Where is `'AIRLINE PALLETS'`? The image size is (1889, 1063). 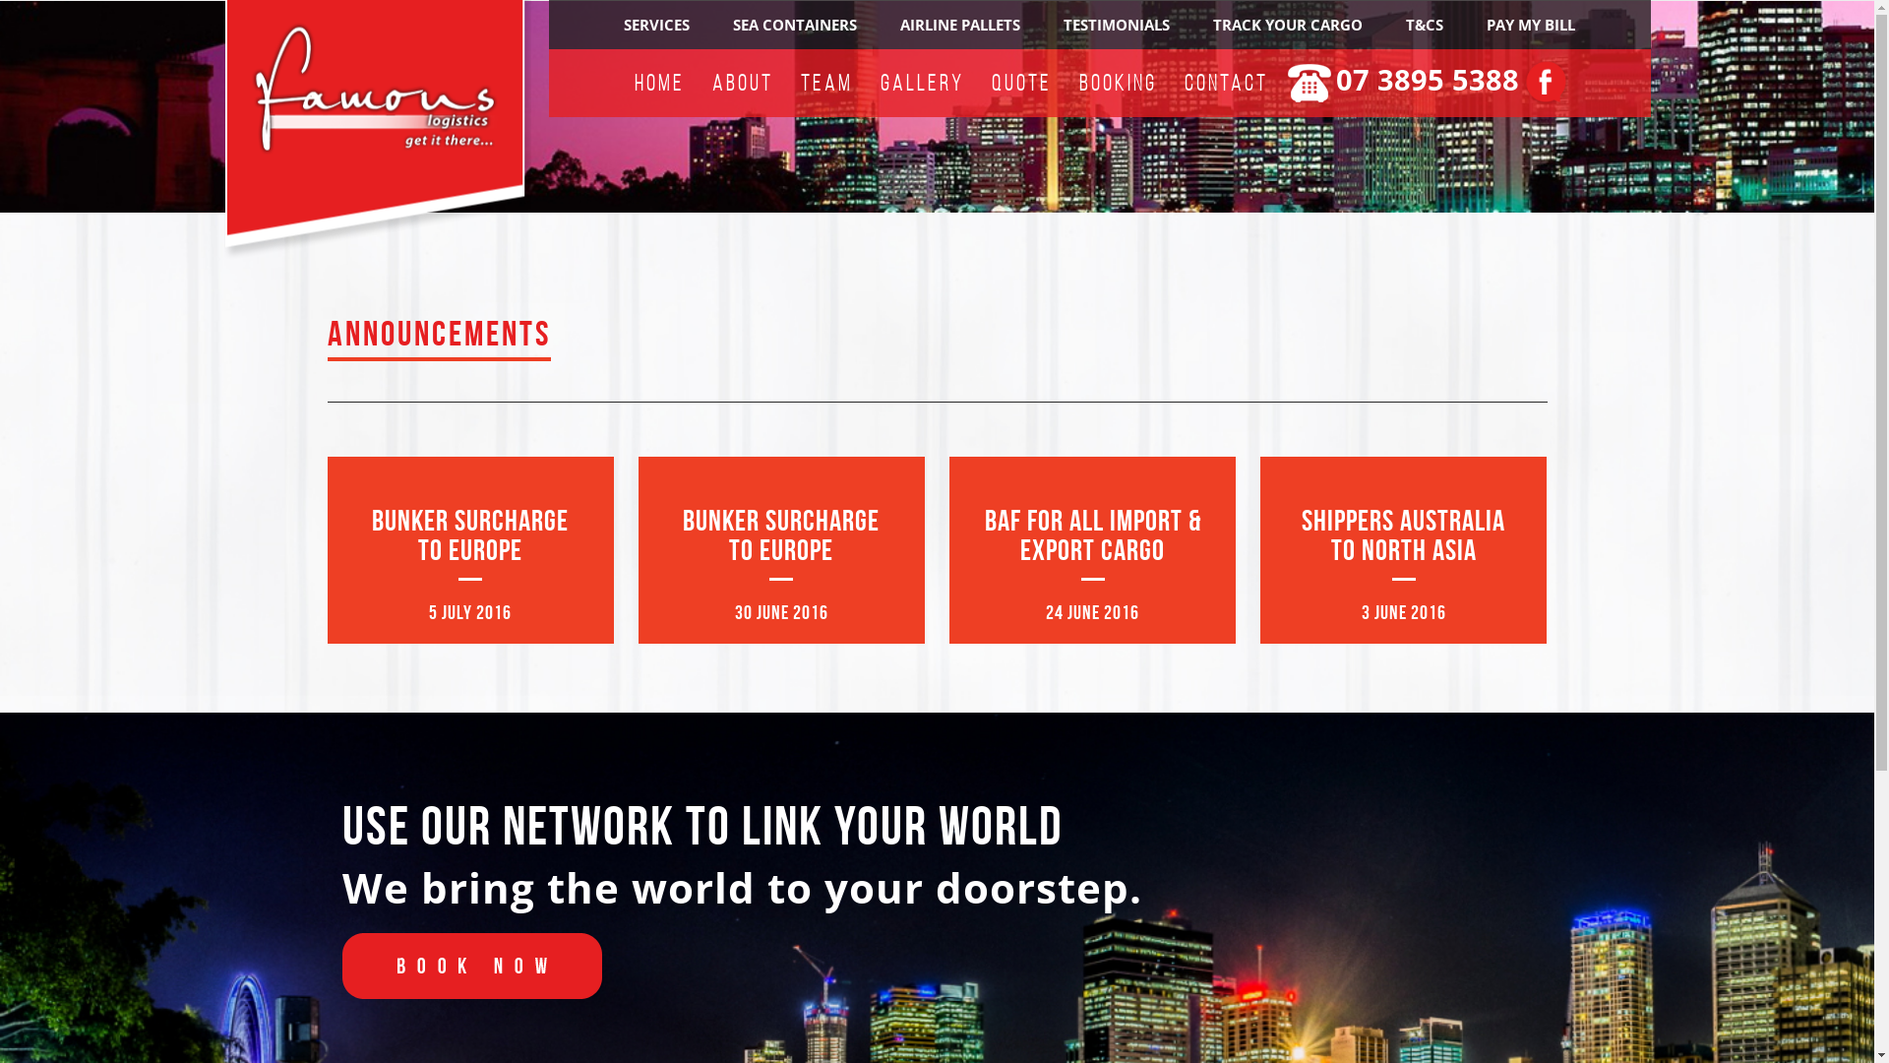
'AIRLINE PALLETS' is located at coordinates (959, 24).